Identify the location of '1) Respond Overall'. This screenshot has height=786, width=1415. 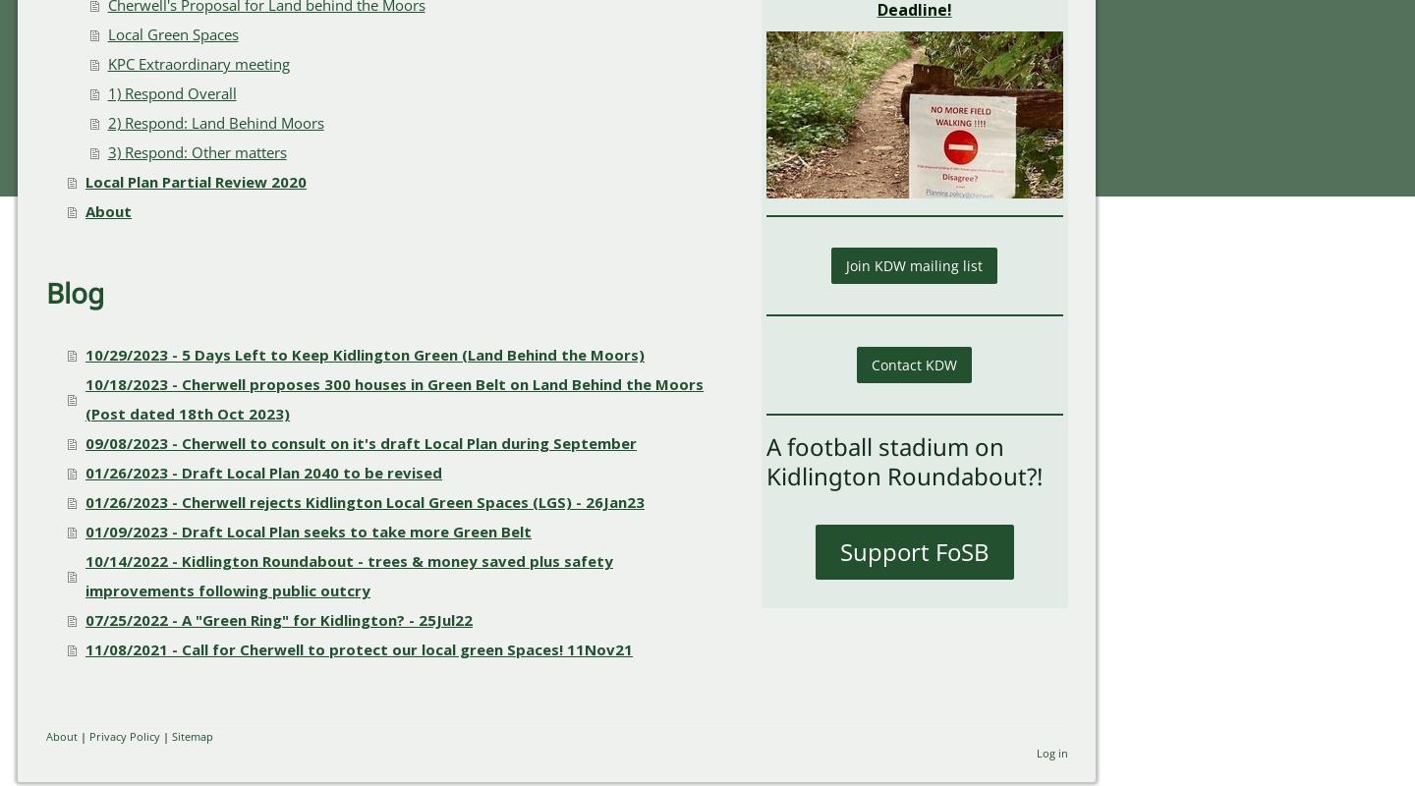
(170, 92).